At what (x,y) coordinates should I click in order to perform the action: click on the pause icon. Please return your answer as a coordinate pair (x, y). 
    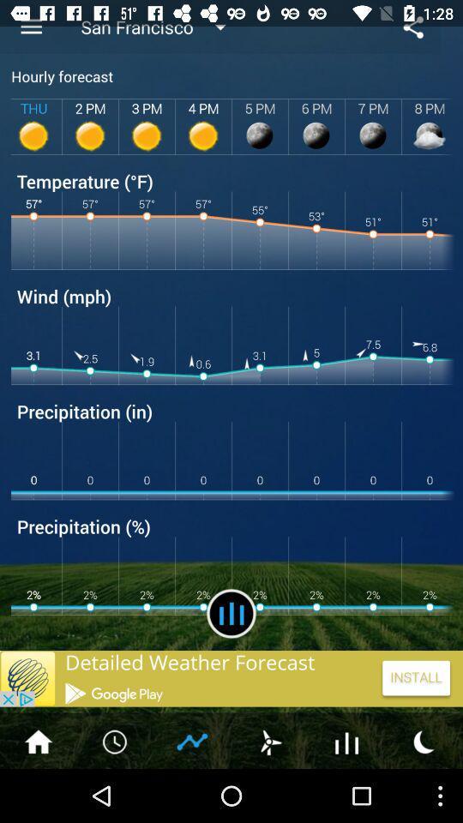
    Looking at the image, I should click on (231, 656).